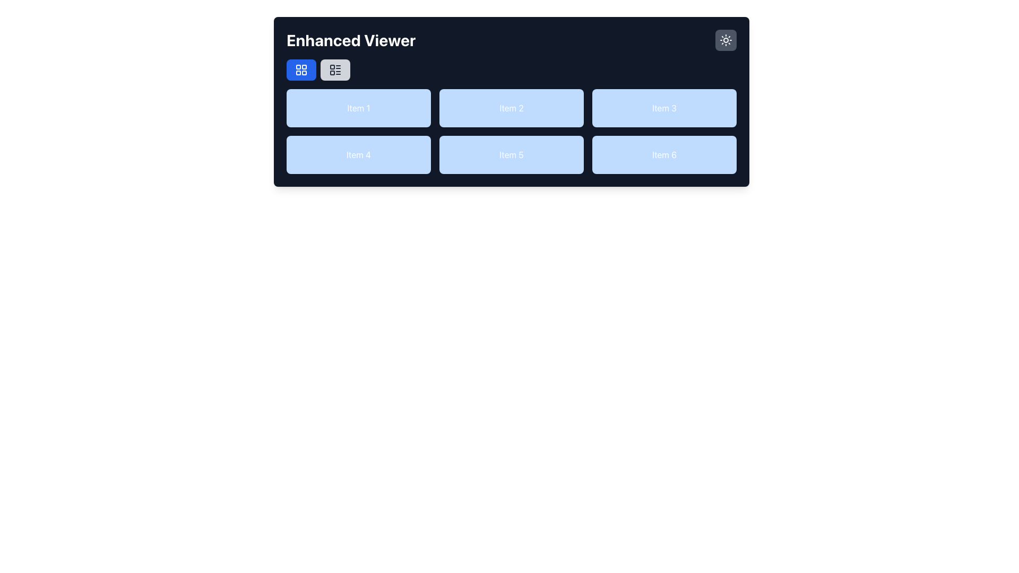  I want to click on the layout switching button located in the toolbar section at the top of the interface, which is the second button from the left, so click(335, 70).